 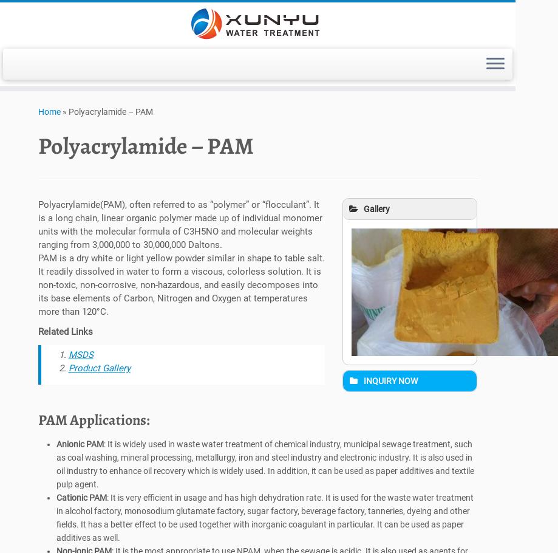 What do you see at coordinates (38, 228) in the screenshot?
I see `'Polyacrylamide(PAM), often referred to as “polymer” or “flocculant”. It is a long chain, linear organic polymer made up of individual monomer units with the molecular formula of C3H5NO and molecular weights ranging from 3,000,000 to 30,000,000 Daltons.'` at bounding box center [38, 228].